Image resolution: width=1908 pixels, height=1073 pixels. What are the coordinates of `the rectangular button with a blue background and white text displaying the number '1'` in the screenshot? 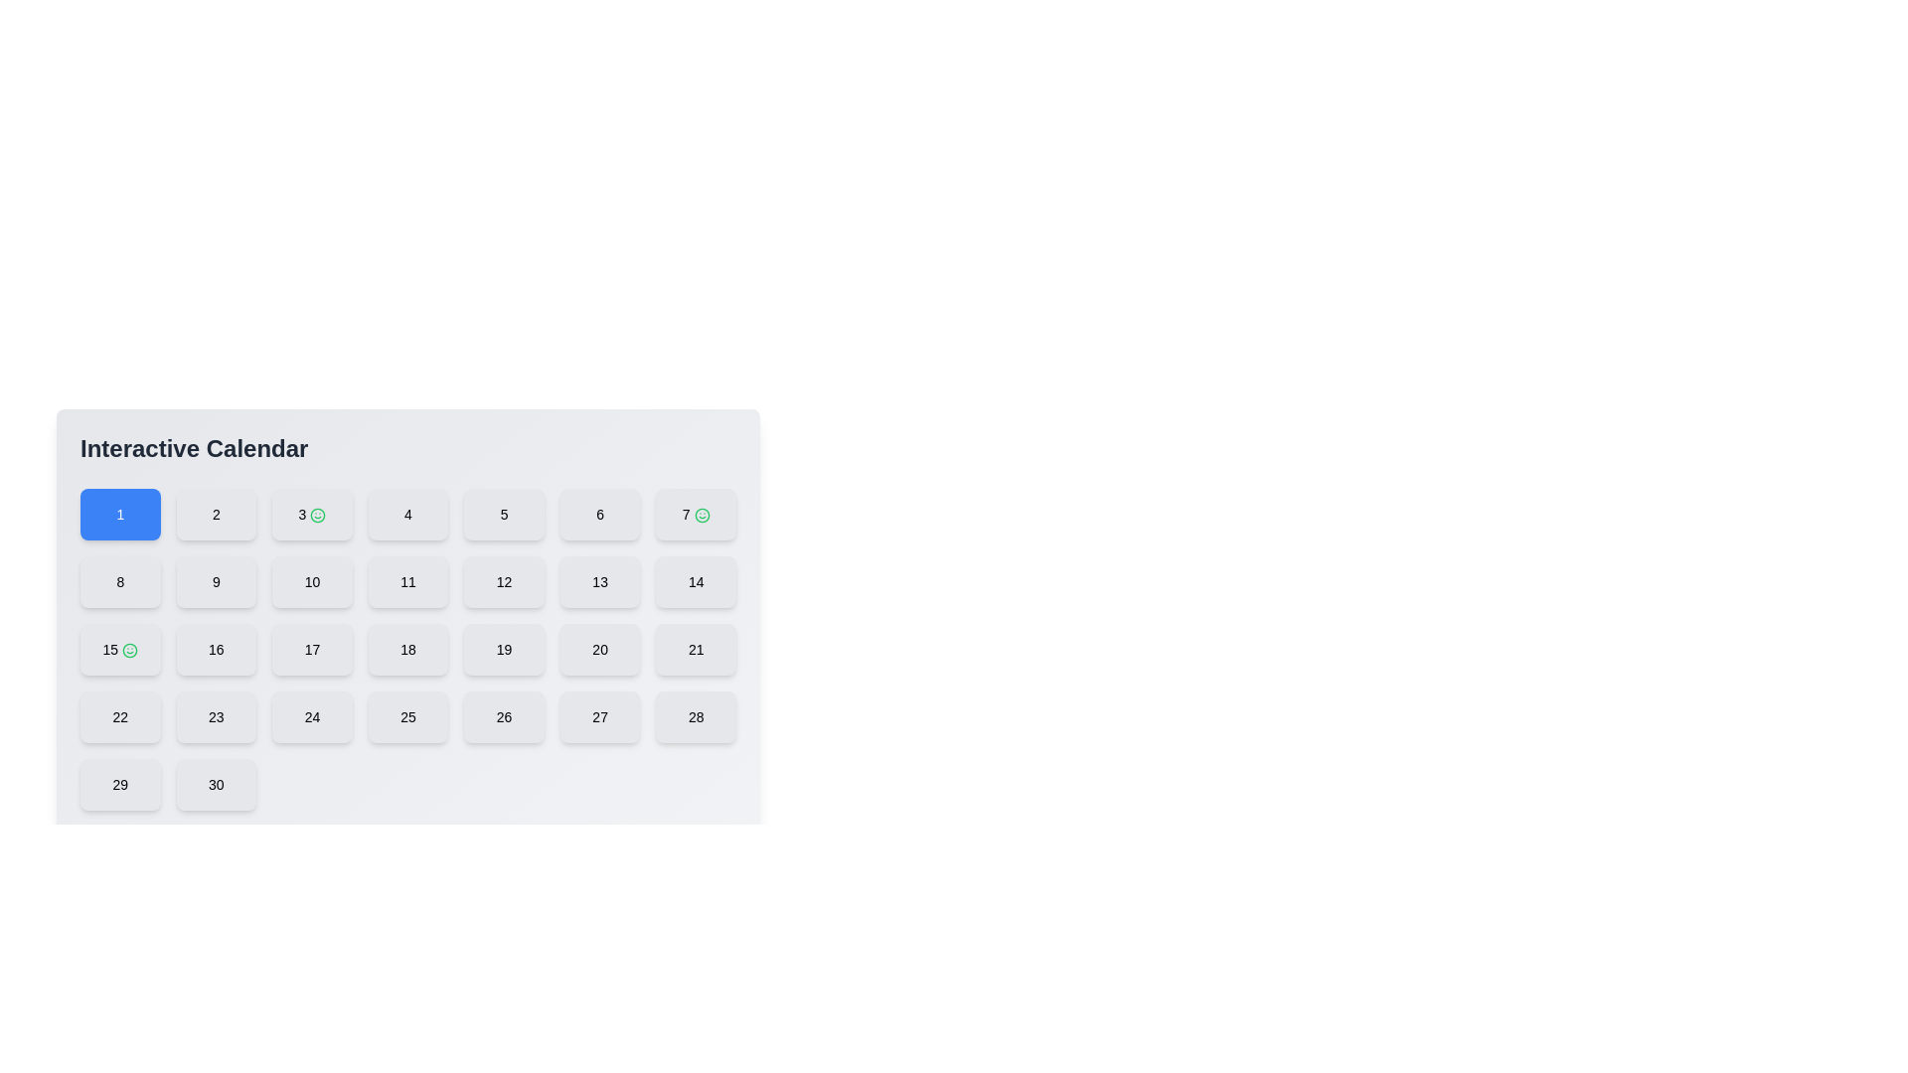 It's located at (119, 513).